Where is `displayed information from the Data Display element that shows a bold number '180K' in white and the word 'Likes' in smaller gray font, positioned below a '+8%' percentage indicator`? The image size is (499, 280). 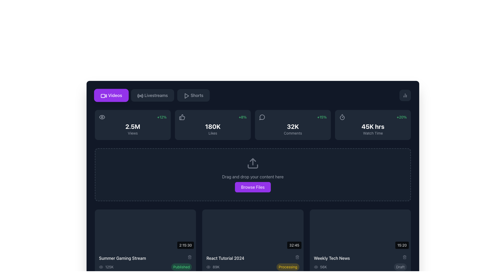 displayed information from the Data Display element that shows a bold number '180K' in white and the word 'Likes' in smaller gray font, positioned below a '+8%' percentage indicator is located at coordinates (213, 129).